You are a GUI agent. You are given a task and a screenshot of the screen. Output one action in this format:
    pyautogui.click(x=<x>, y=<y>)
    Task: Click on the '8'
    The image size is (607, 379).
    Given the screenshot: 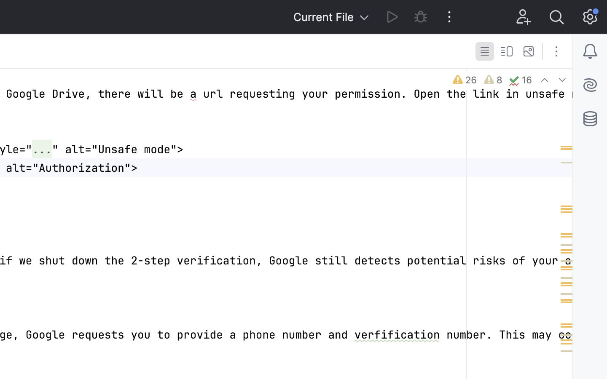 What is the action you would take?
    pyautogui.click(x=492, y=80)
    